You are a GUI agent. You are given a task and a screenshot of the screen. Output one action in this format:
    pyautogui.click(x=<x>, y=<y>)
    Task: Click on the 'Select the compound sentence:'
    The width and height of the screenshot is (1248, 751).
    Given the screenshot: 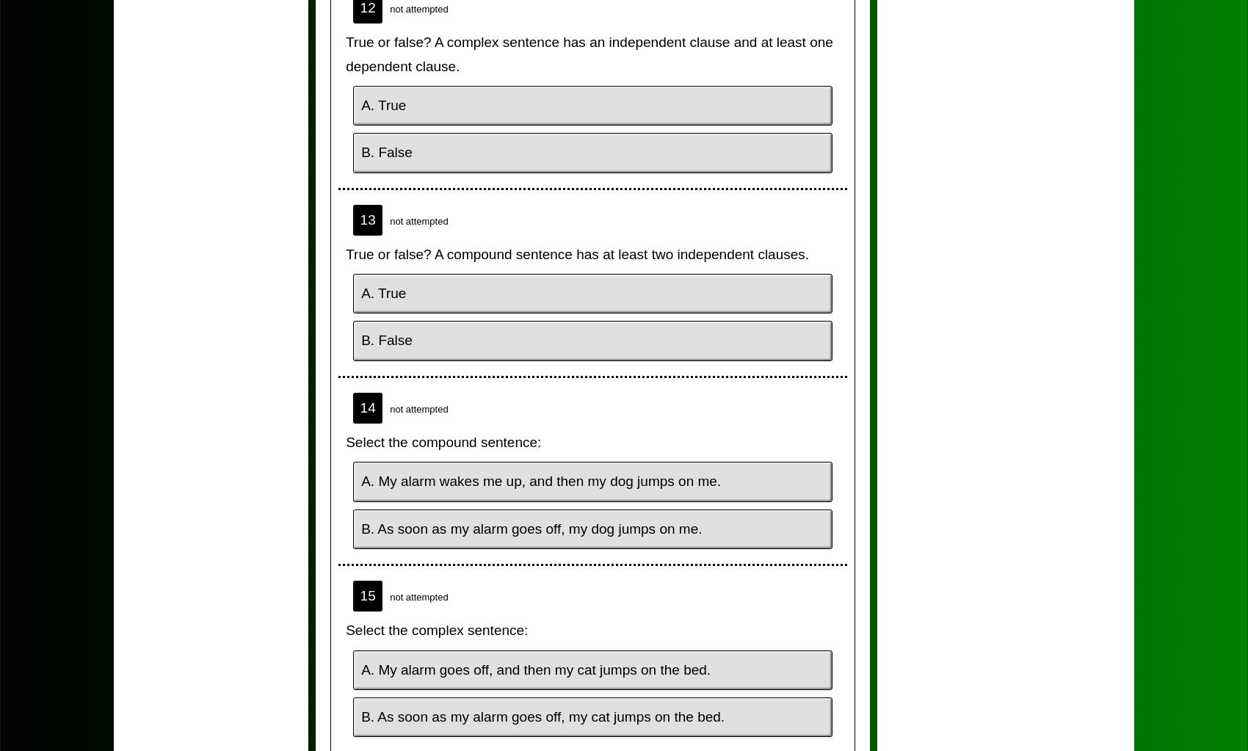 What is the action you would take?
    pyautogui.click(x=443, y=441)
    